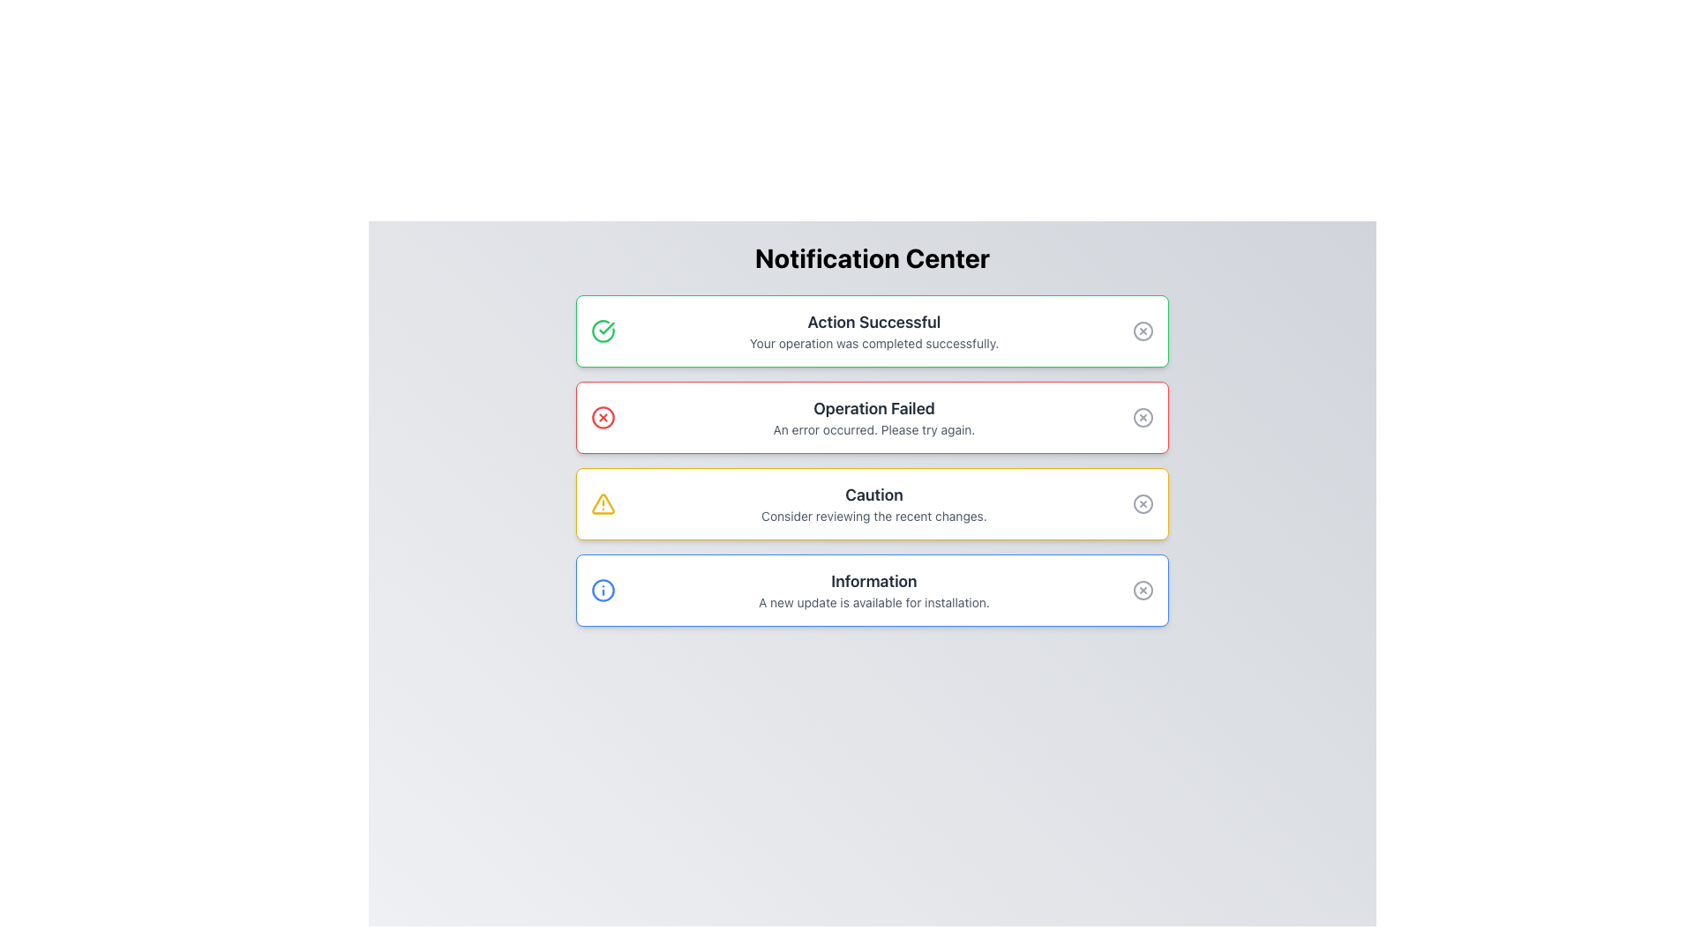  What do you see at coordinates (873, 430) in the screenshot?
I see `text label displaying 'An error occurred. Please try again.' which is styled in smaller gray font, located directly below the bold title 'Operation Failed' in a red-bordered notification box` at bounding box center [873, 430].